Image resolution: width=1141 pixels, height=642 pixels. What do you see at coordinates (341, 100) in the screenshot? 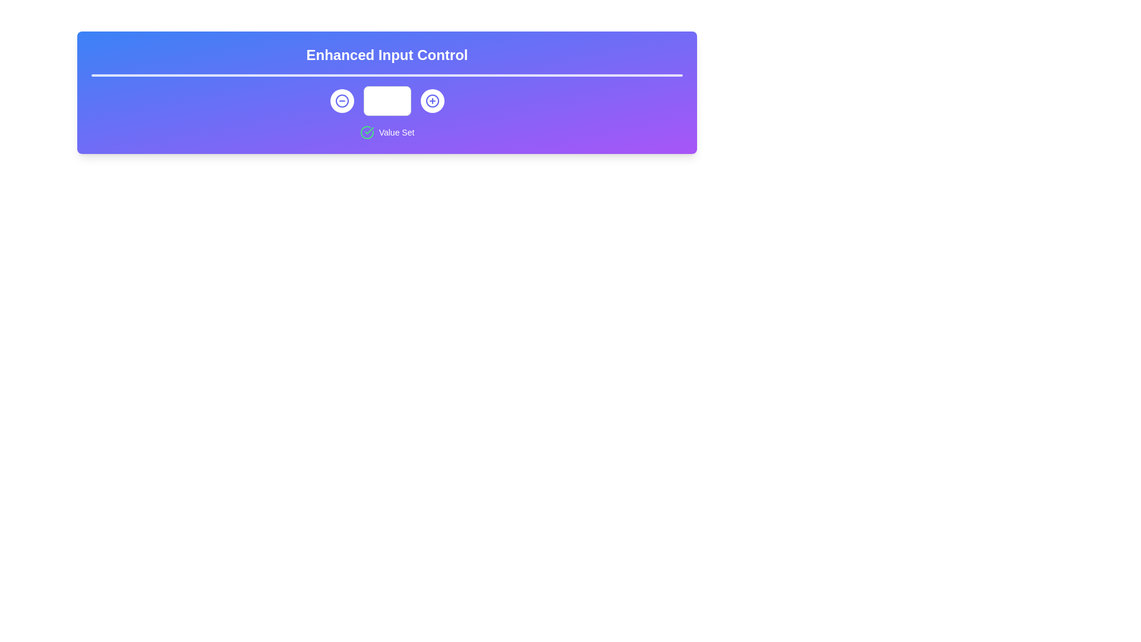
I see `the circular button with a white background and an indigo minus icon to activate its focus ring effect` at bounding box center [341, 100].